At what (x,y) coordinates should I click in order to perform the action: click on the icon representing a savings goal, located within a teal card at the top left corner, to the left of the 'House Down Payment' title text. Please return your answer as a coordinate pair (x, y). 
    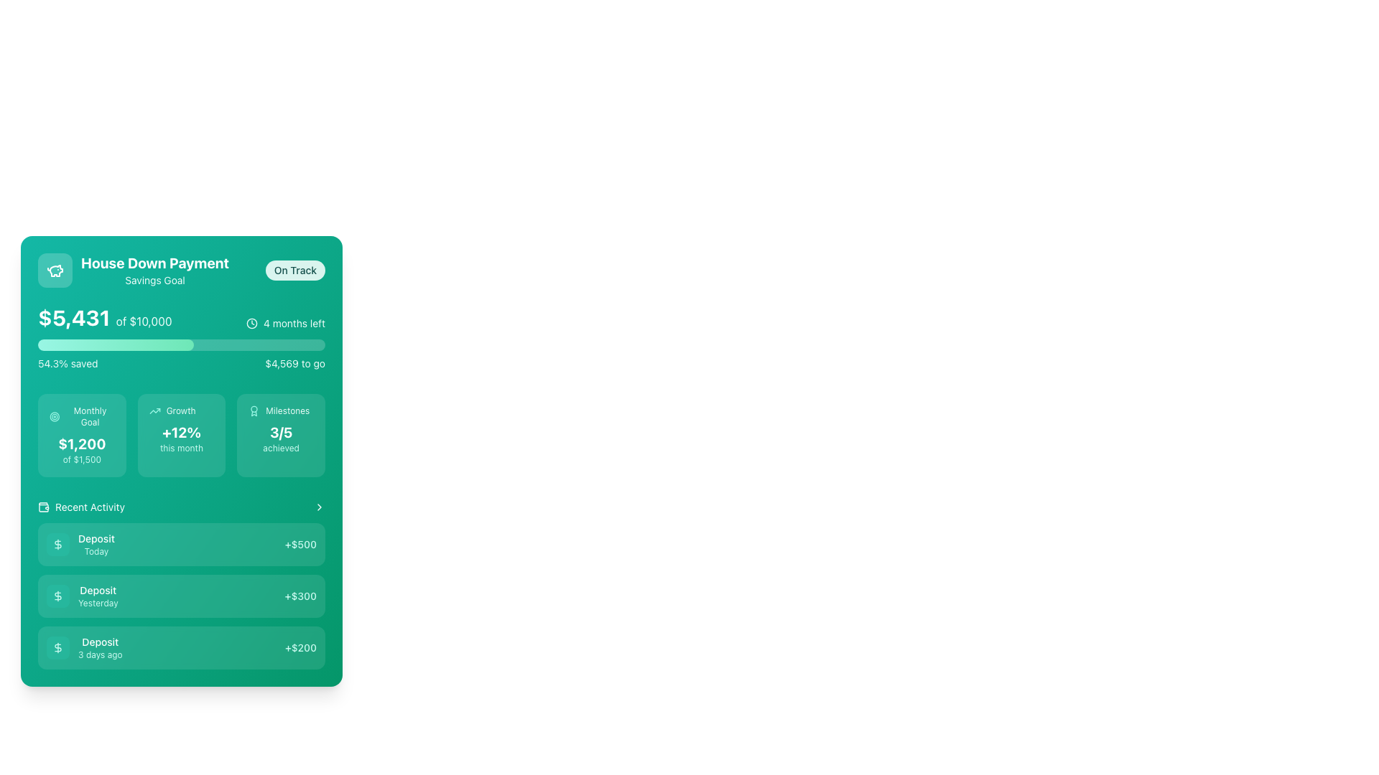
    Looking at the image, I should click on (55, 271).